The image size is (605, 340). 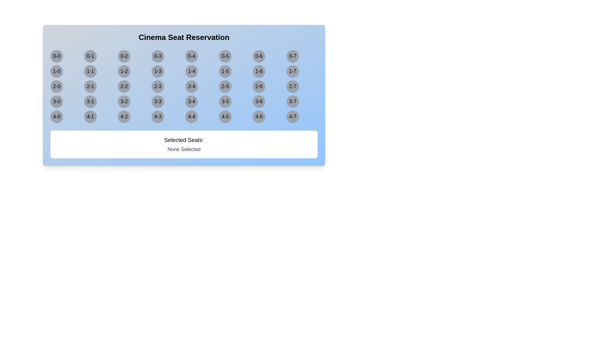 What do you see at coordinates (57, 116) in the screenshot?
I see `the circular button with a gray background and the text '4-0'` at bounding box center [57, 116].